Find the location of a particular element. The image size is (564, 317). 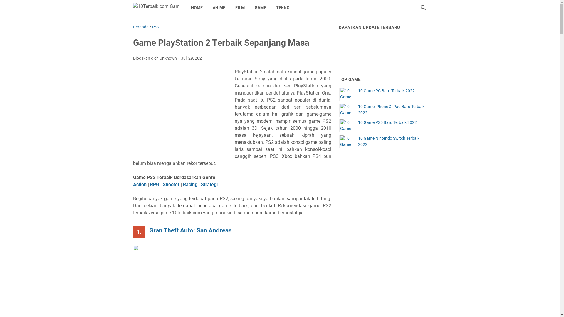

'10Terbaik.com Game' is located at coordinates (156, 8).